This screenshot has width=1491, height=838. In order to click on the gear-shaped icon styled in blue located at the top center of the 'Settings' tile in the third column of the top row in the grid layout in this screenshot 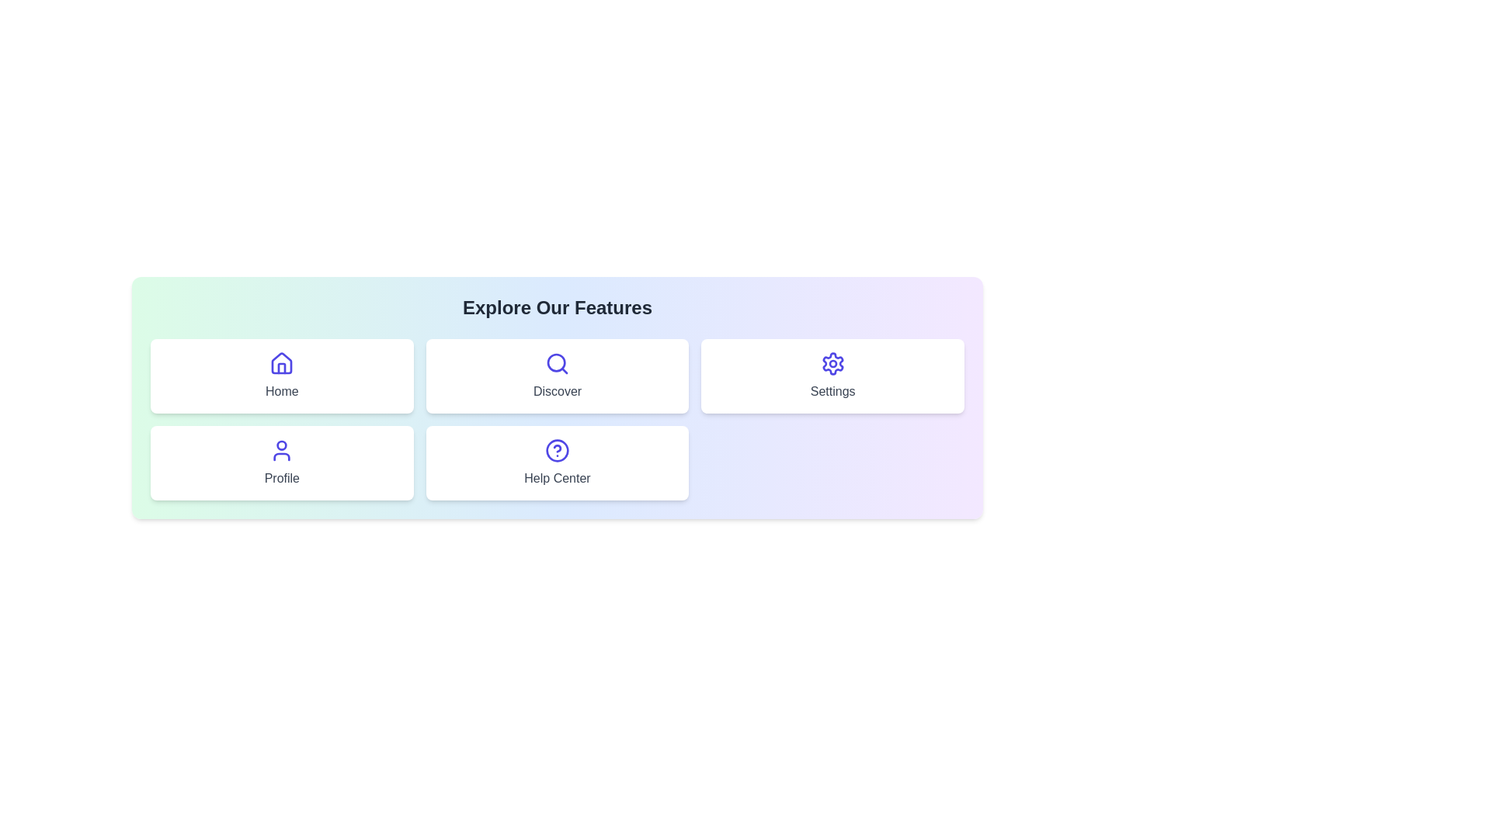, I will do `click(832, 364)`.